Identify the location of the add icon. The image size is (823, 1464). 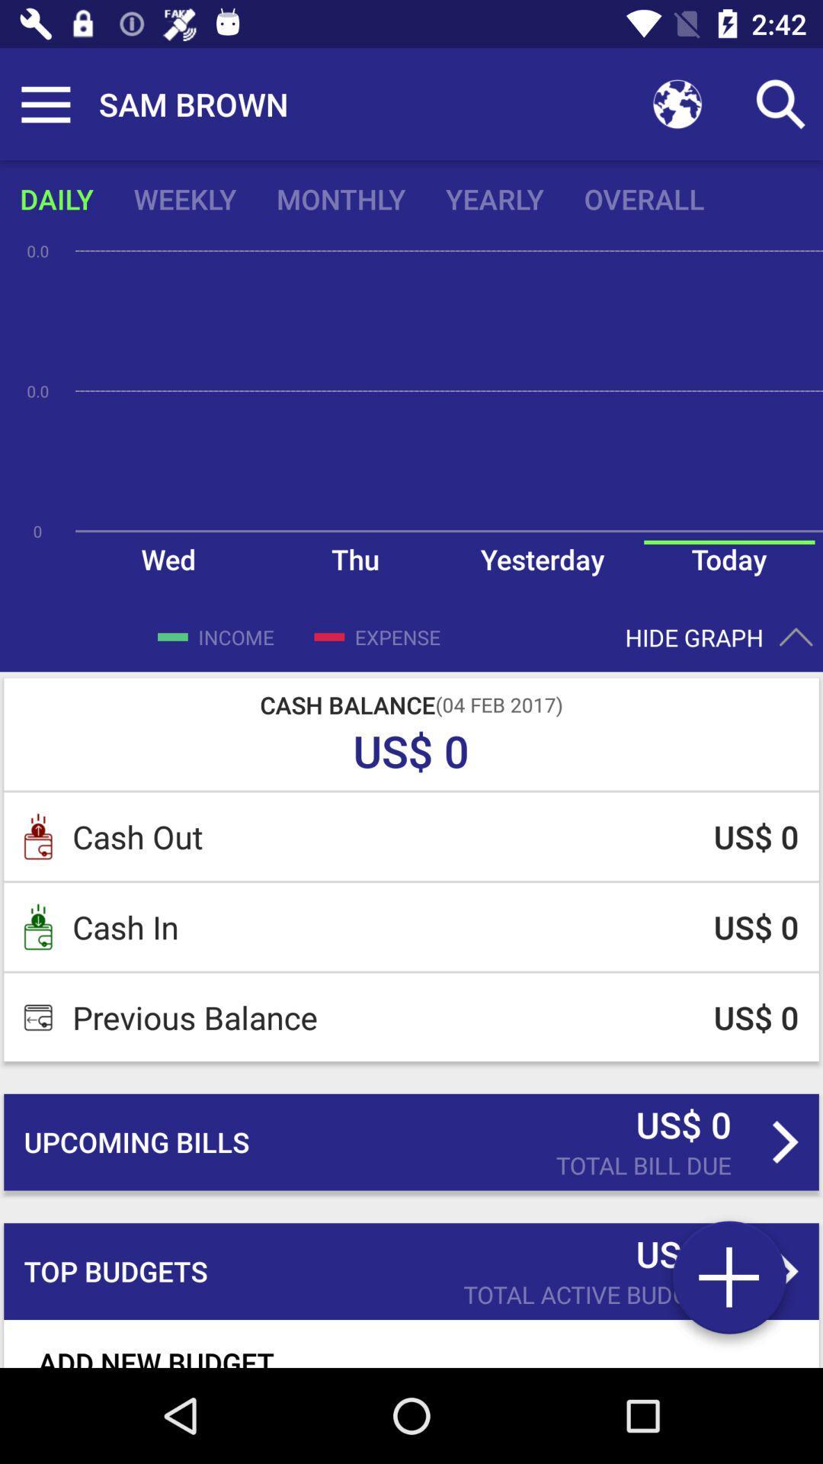
(728, 1283).